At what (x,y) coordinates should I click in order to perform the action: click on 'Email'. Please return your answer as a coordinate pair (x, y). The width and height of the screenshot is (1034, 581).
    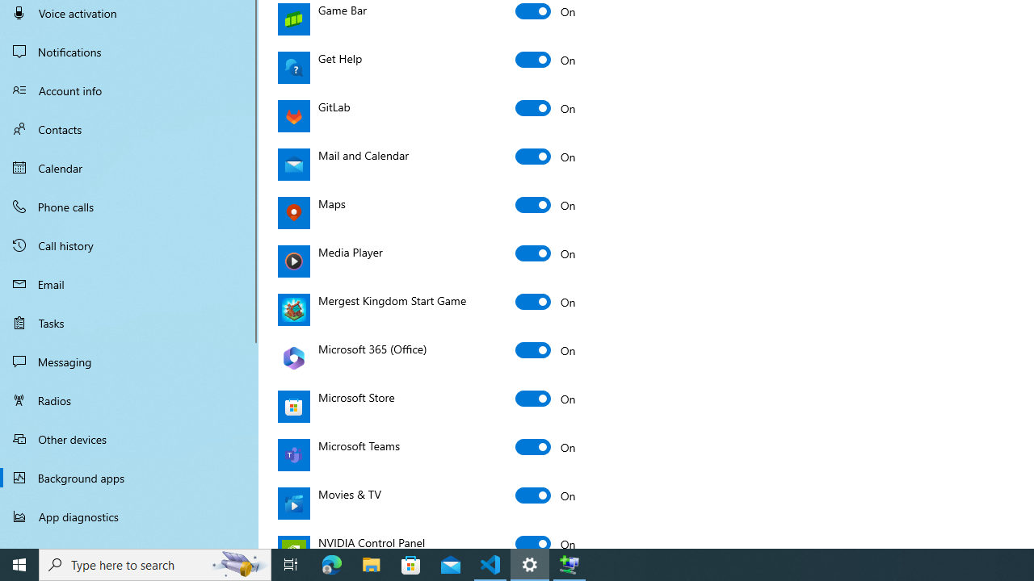
    Looking at the image, I should click on (129, 283).